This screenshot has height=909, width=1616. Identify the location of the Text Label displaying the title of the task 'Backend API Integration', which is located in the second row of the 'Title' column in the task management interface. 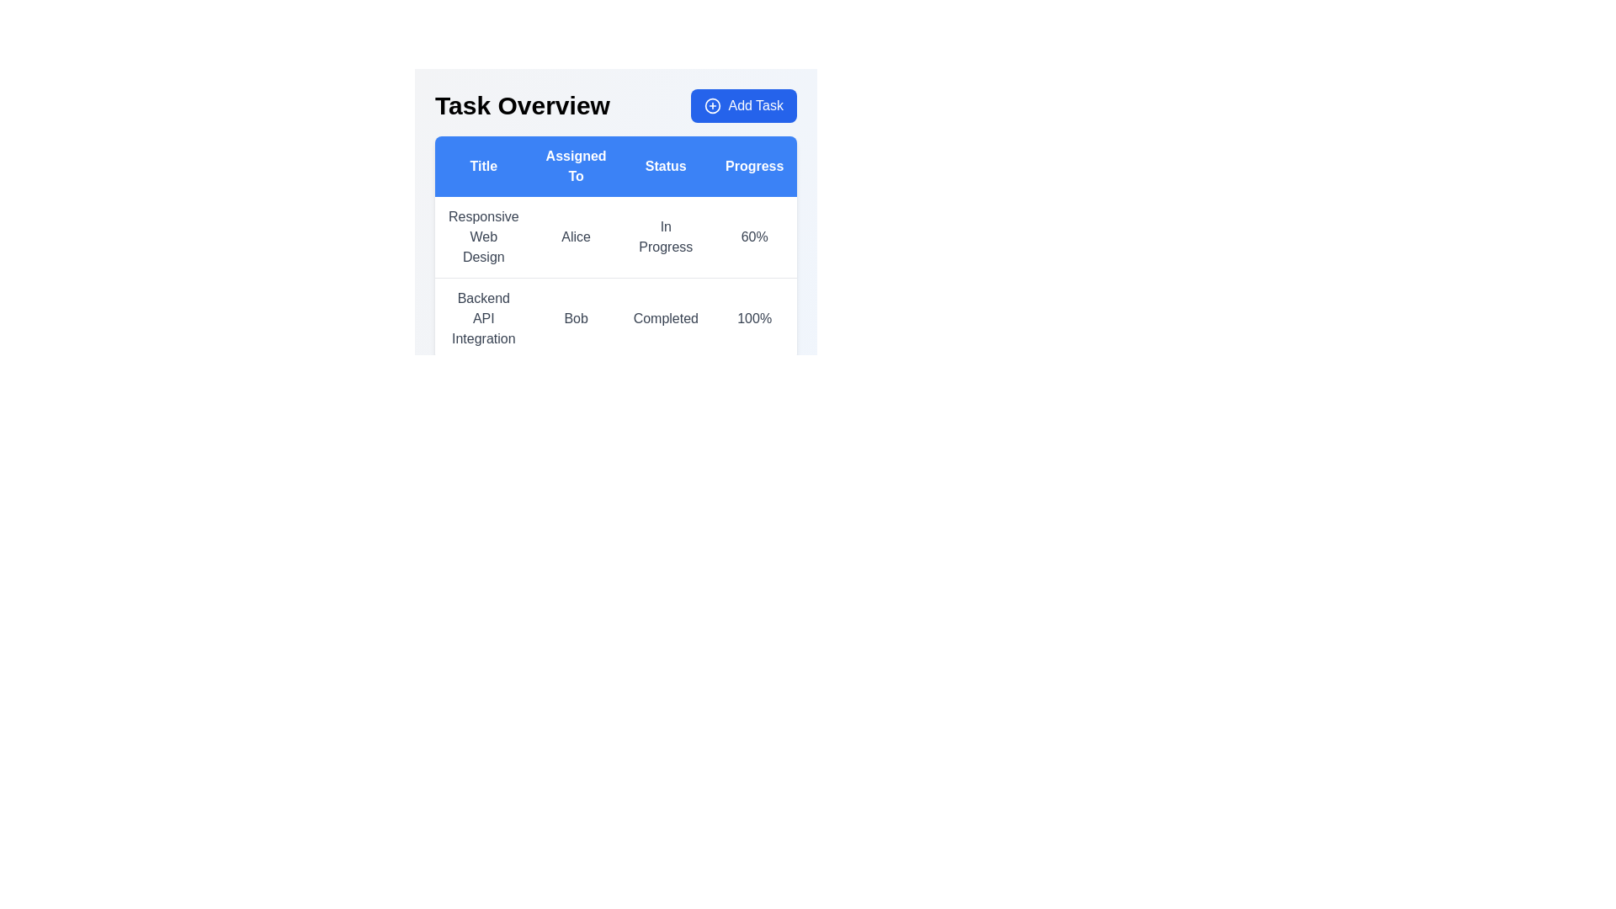
(482, 318).